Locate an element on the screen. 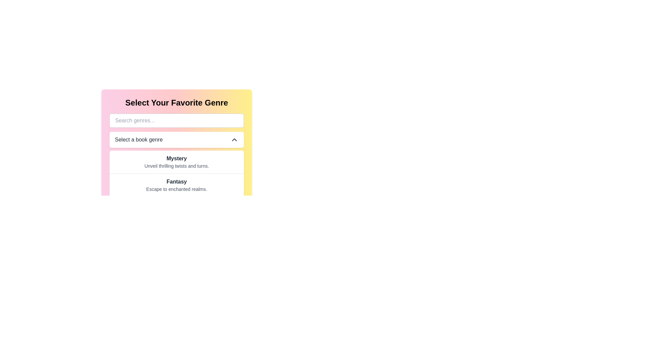  the text on the selectable card that displays 'Mystery' in a bold font and the phrase 'Unveil thrilling twists and turns.' for informational purposes is located at coordinates (177, 162).